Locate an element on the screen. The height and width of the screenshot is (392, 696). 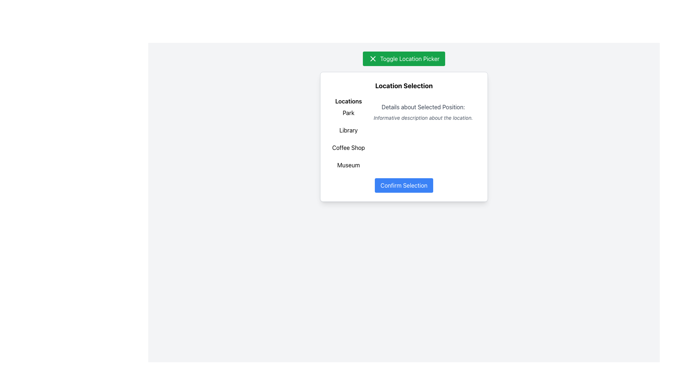
the 'Coffee Shop' text item in the selectable list is located at coordinates (348, 147).